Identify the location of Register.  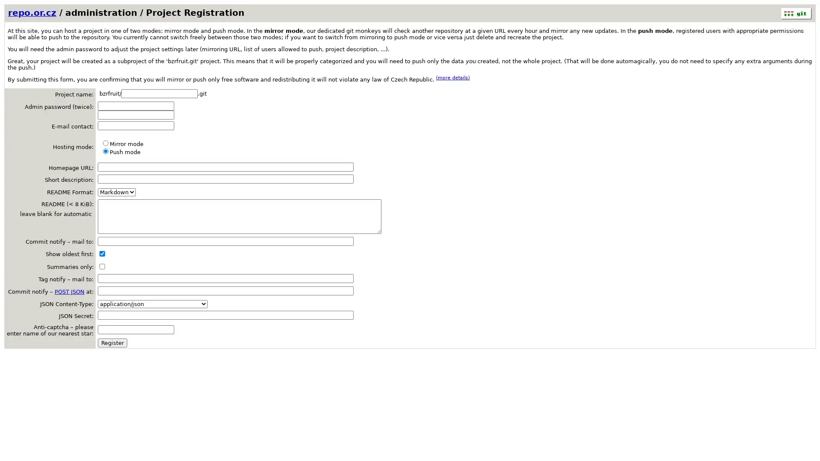
(112, 342).